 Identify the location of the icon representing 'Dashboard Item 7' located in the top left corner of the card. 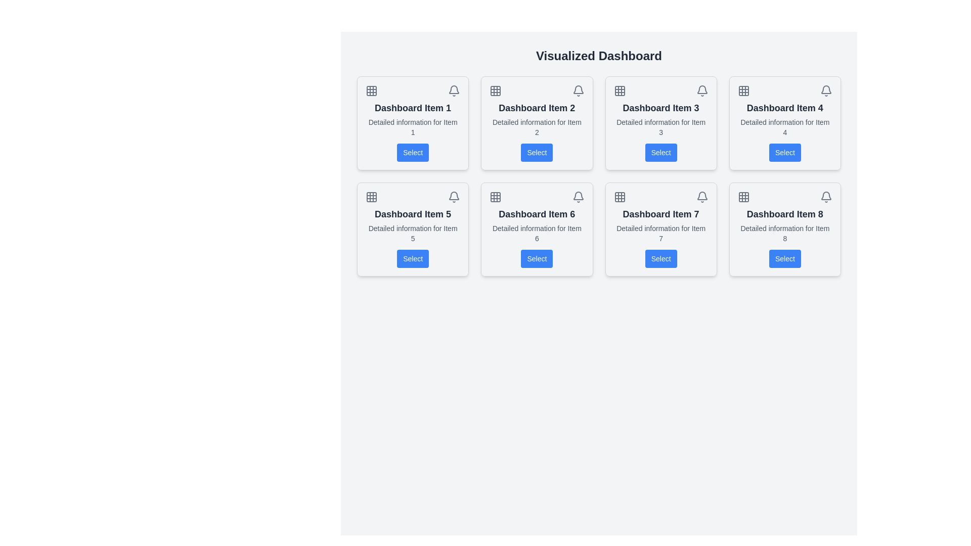
(619, 197).